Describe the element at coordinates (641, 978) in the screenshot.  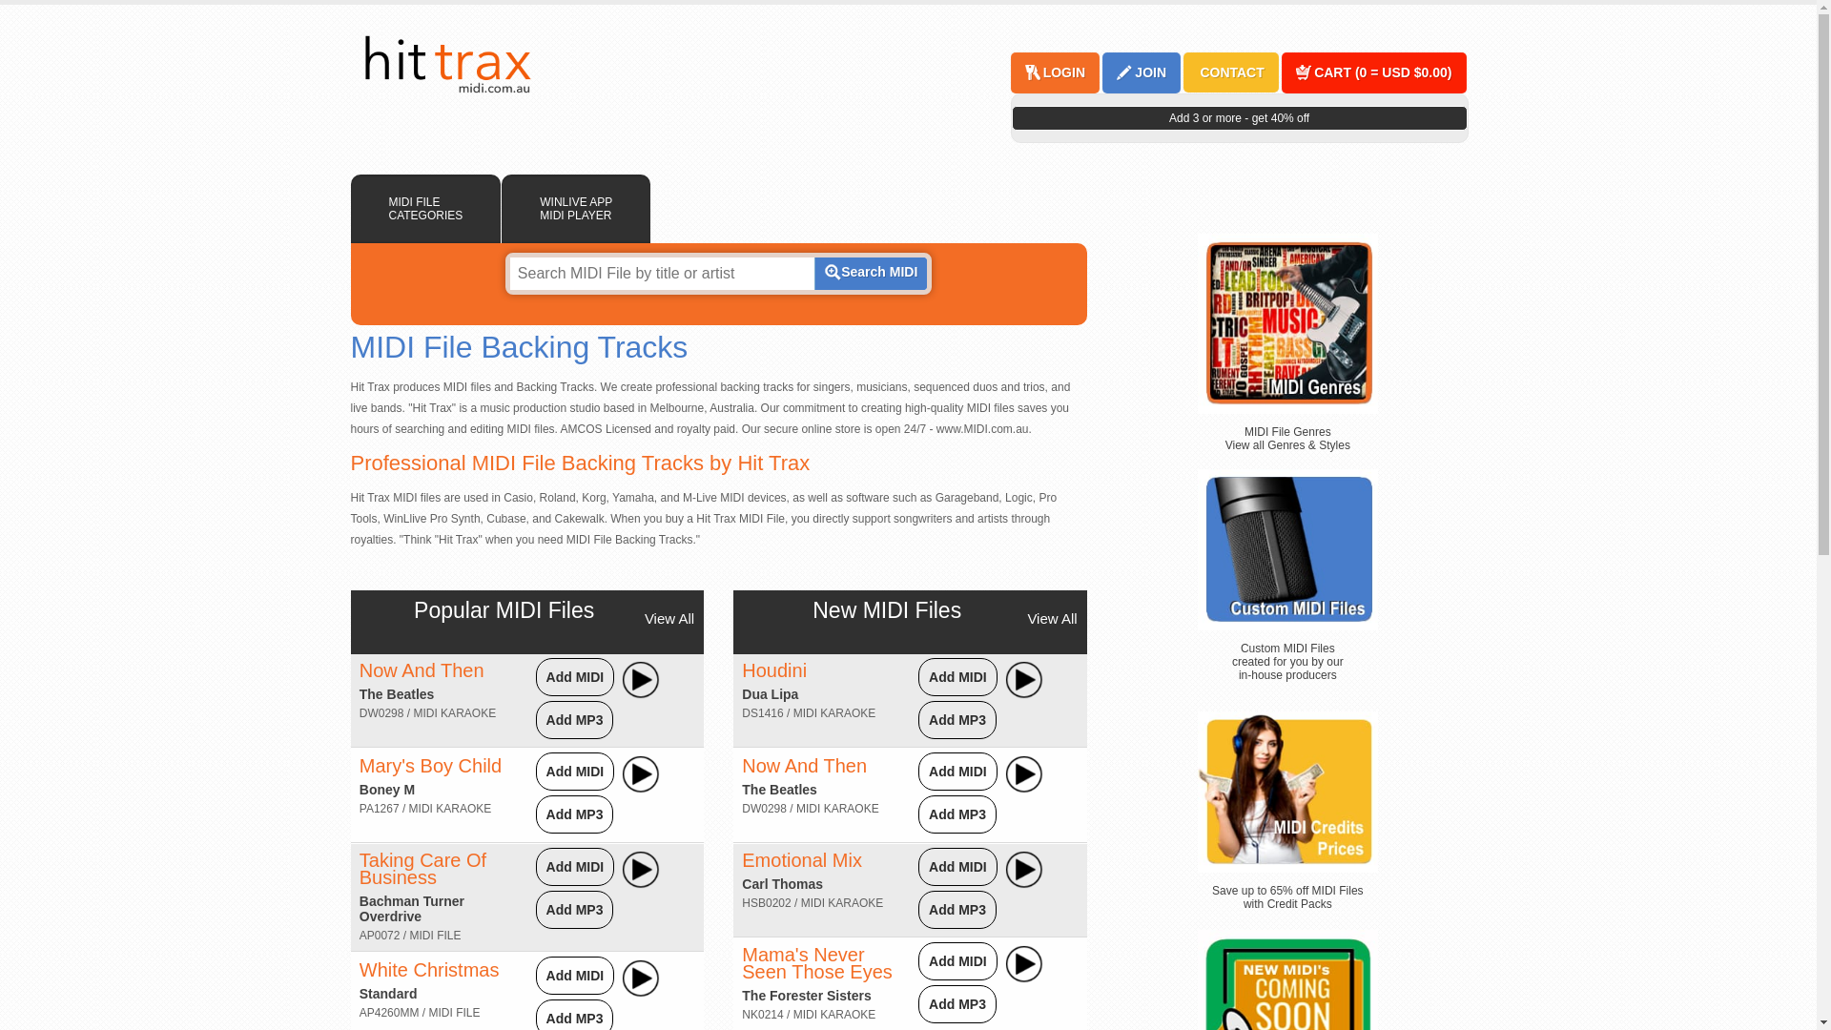
I see `'Play White Christmas'` at that location.